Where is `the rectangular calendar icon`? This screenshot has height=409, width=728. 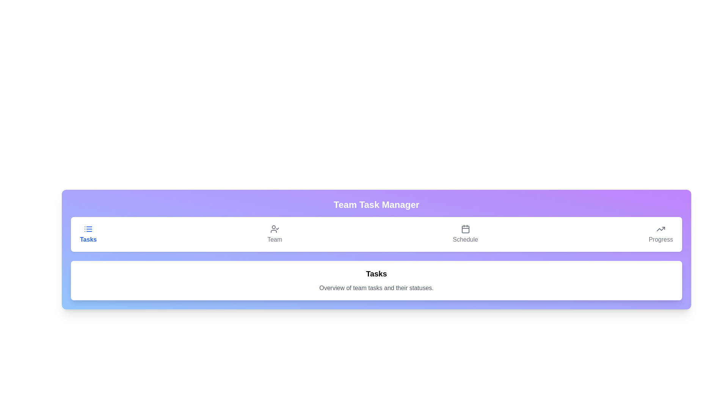
the rectangular calendar icon is located at coordinates (465, 229).